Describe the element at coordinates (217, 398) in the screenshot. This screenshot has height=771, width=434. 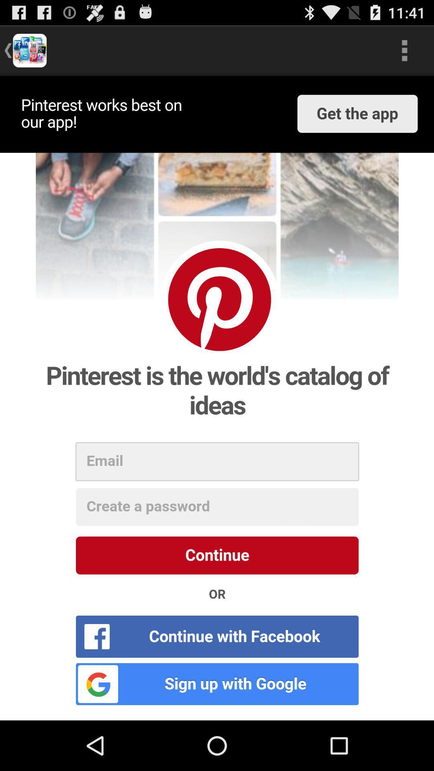
I see `app pinterest` at that location.